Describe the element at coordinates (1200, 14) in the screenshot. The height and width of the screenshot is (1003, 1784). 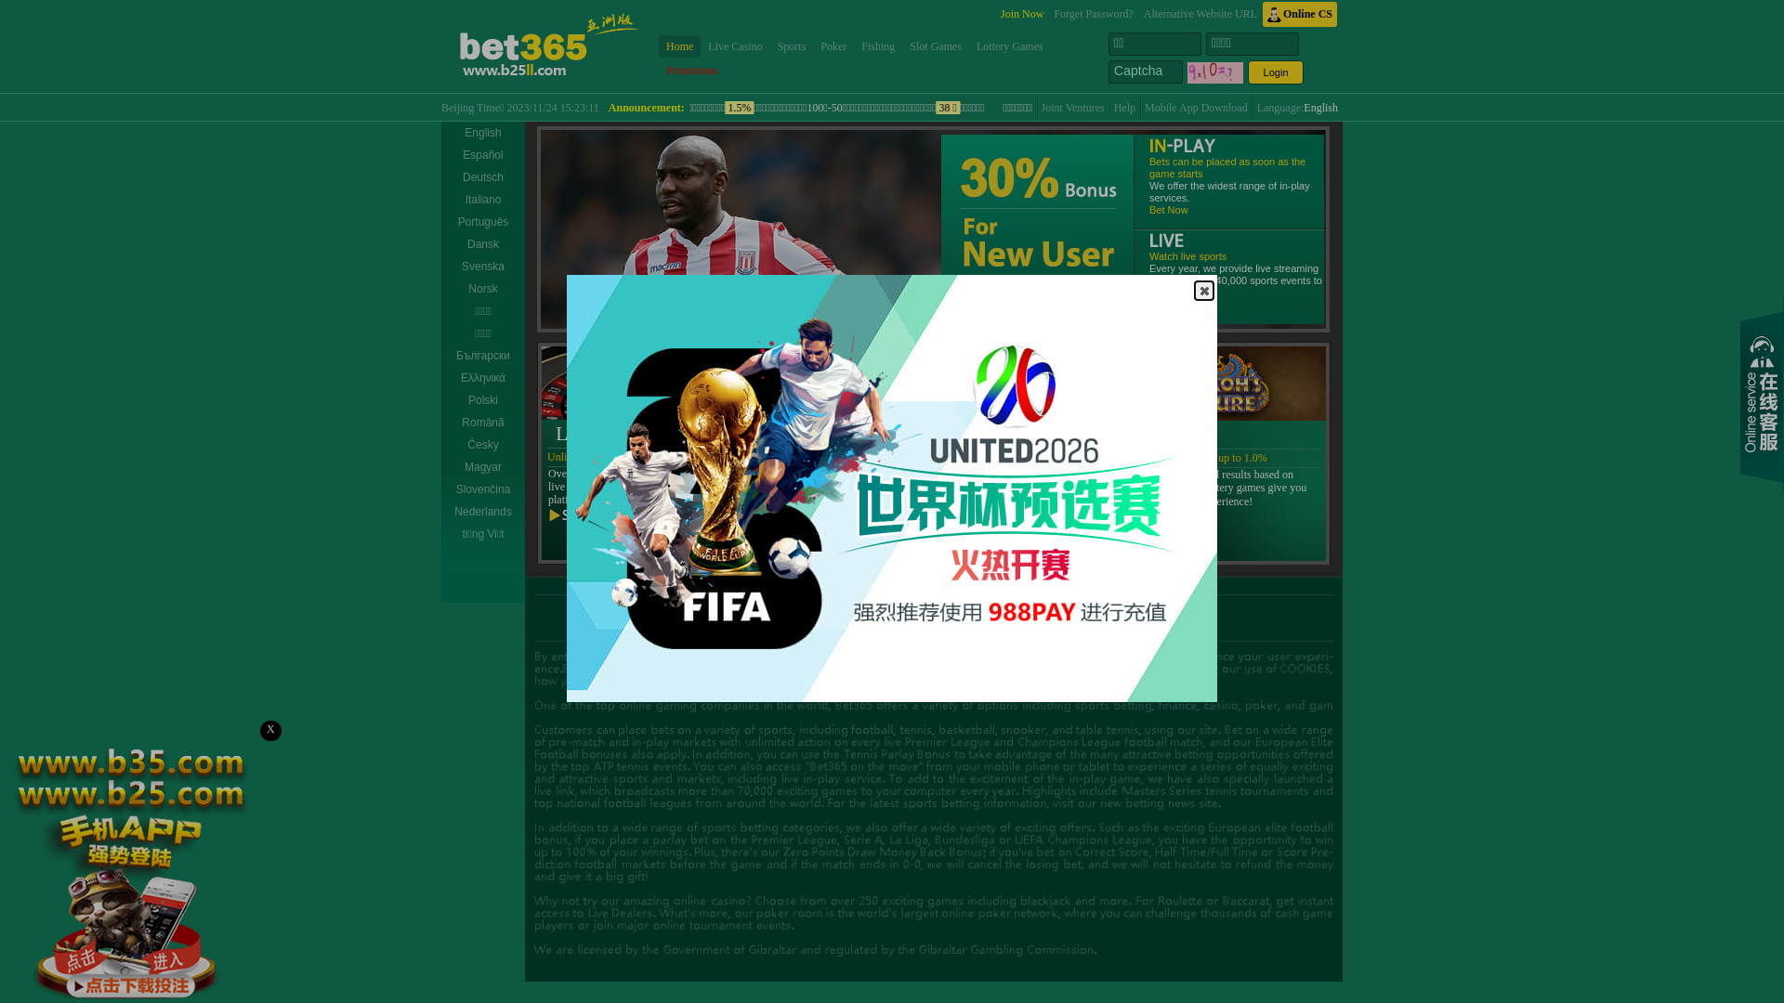
I see `'Alternative Website URL'` at that location.